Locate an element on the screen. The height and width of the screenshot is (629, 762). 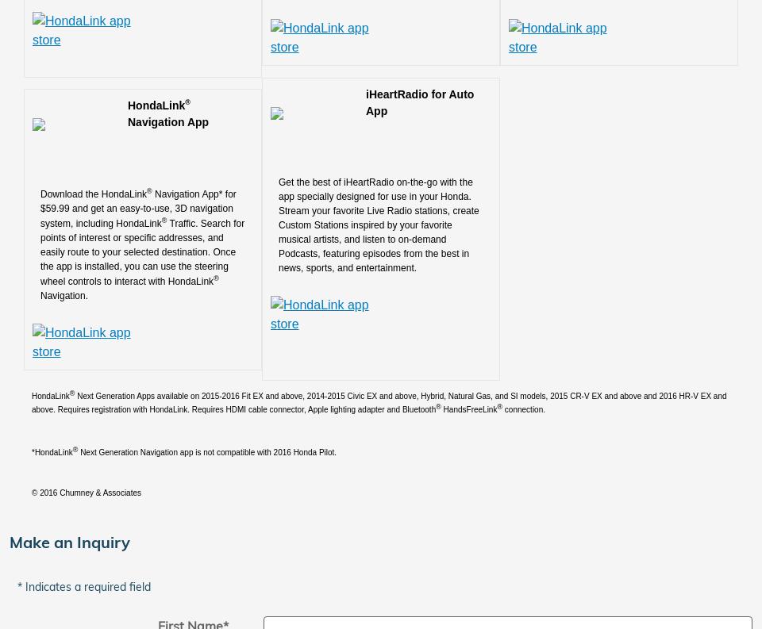
'connection.' is located at coordinates (523, 409).